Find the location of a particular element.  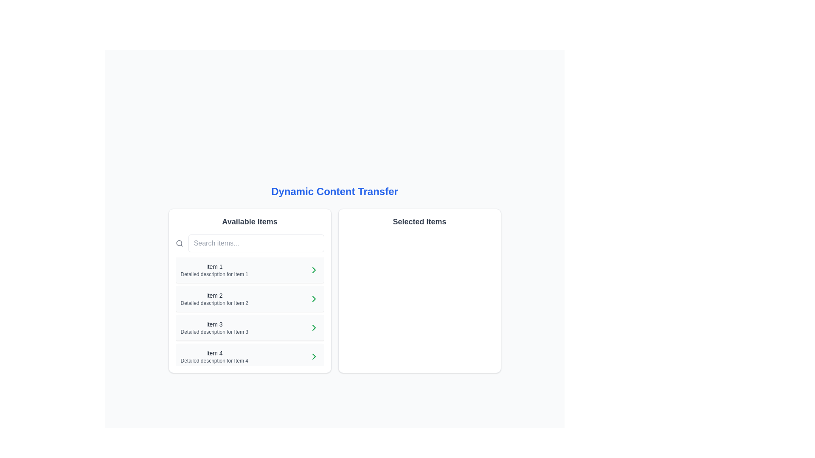

the green chevron-shaped icon pointing to the right, which is located at the far right of the third item is located at coordinates (313, 327).